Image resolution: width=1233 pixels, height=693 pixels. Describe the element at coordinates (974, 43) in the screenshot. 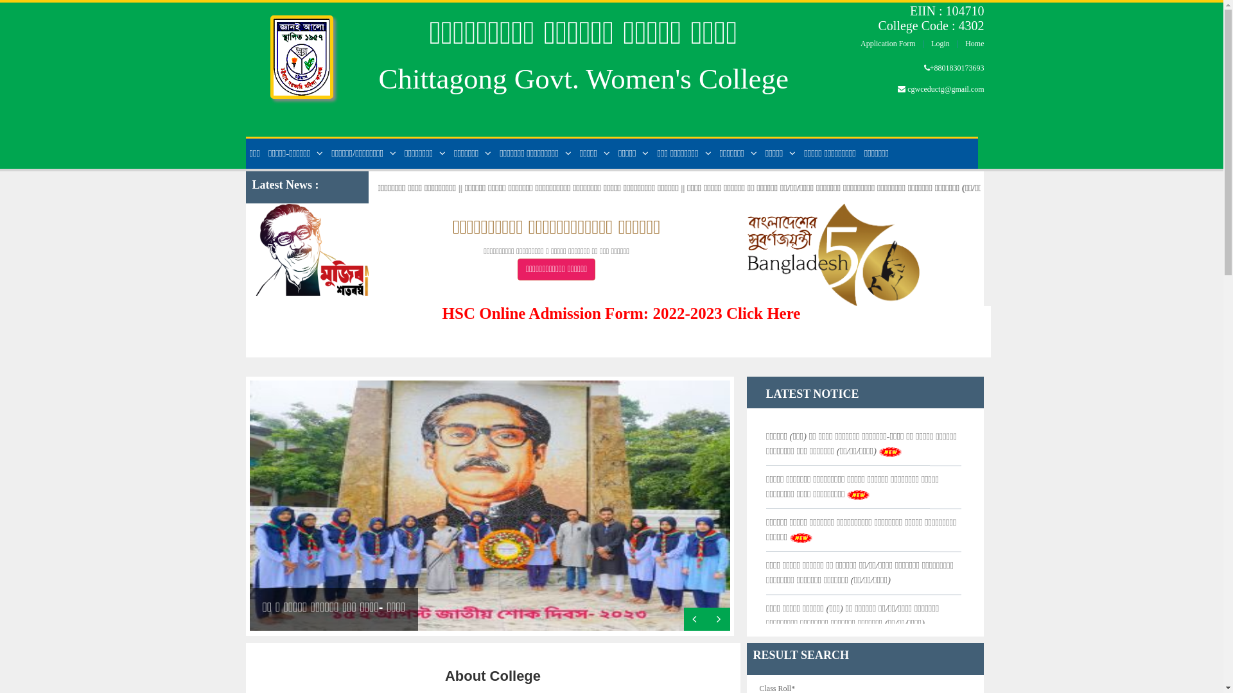

I see `'Home'` at that location.